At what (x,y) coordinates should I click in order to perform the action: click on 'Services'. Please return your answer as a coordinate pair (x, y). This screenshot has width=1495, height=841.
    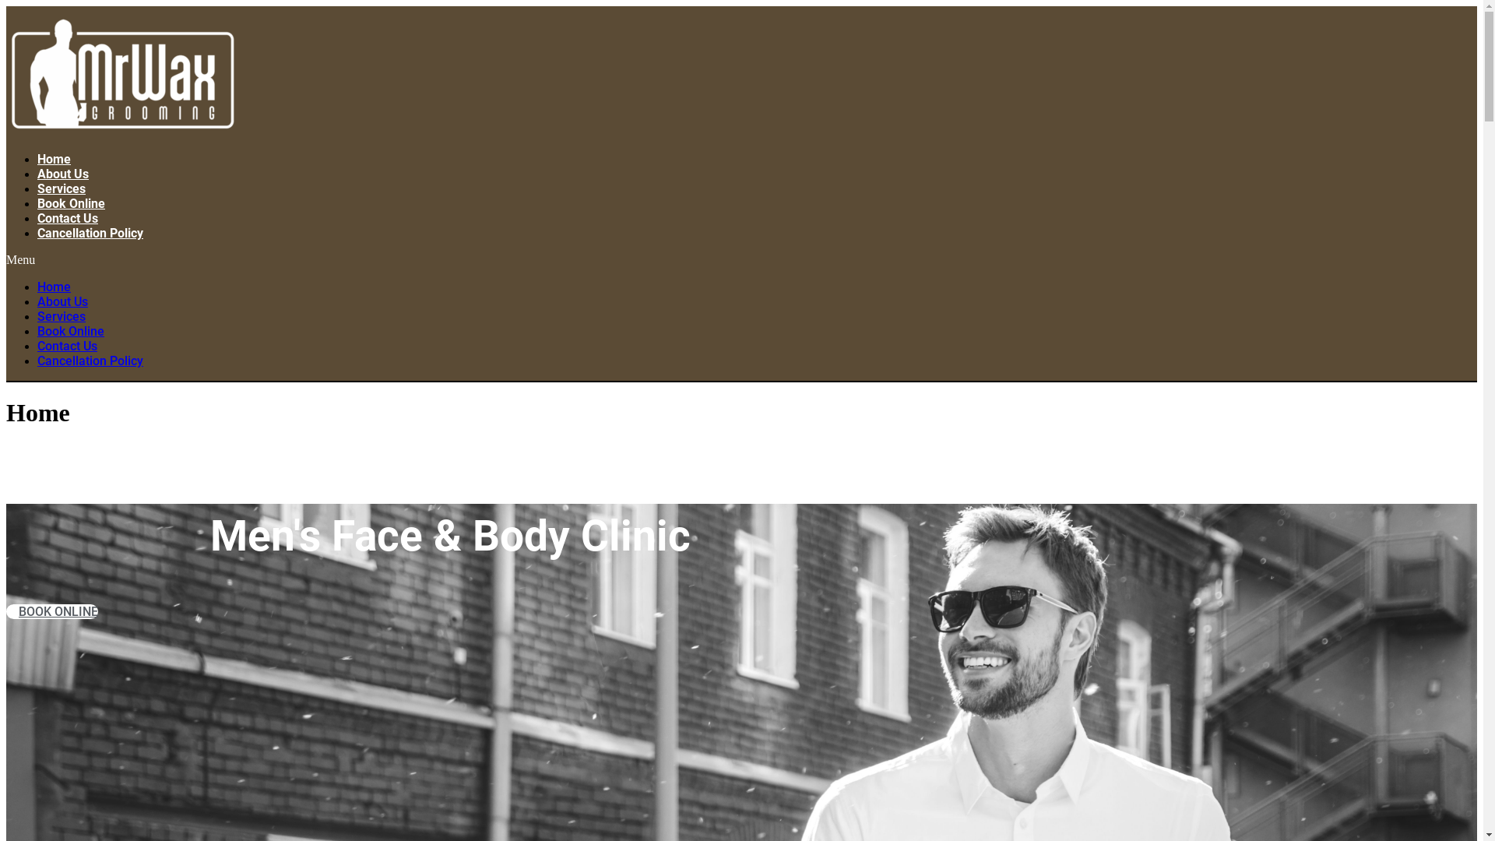
    Looking at the image, I should click on (61, 188).